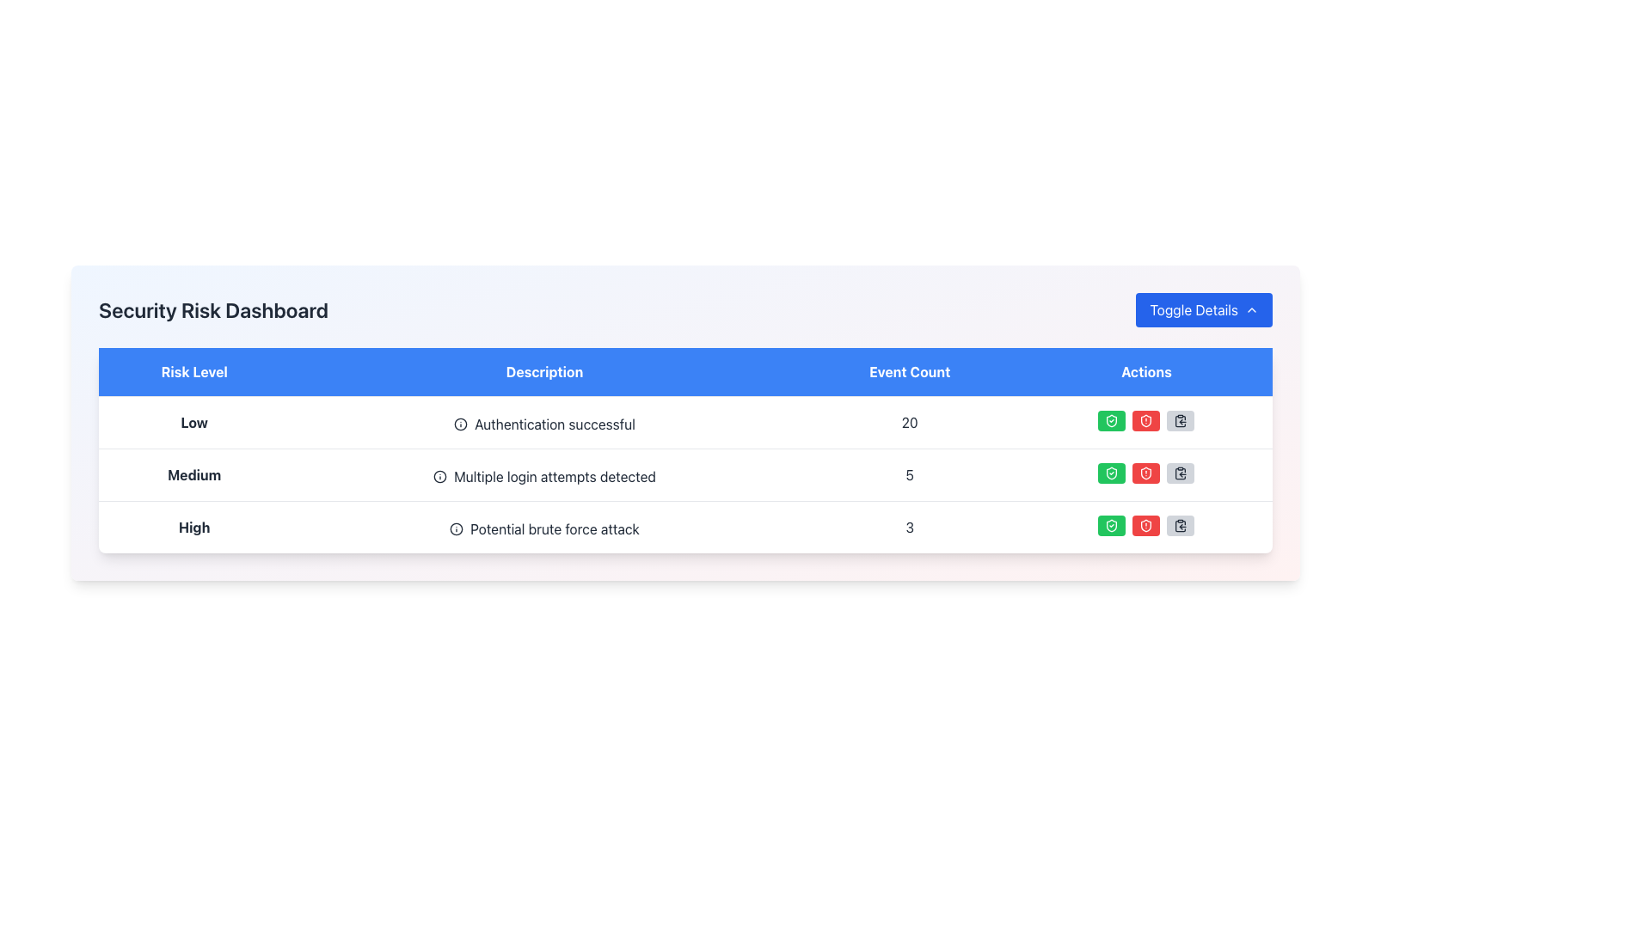 The width and height of the screenshot is (1651, 928). I want to click on the 'Medium' text label in bold yellow font located in the second row of the risk level table within the dashboard, so click(194, 474).